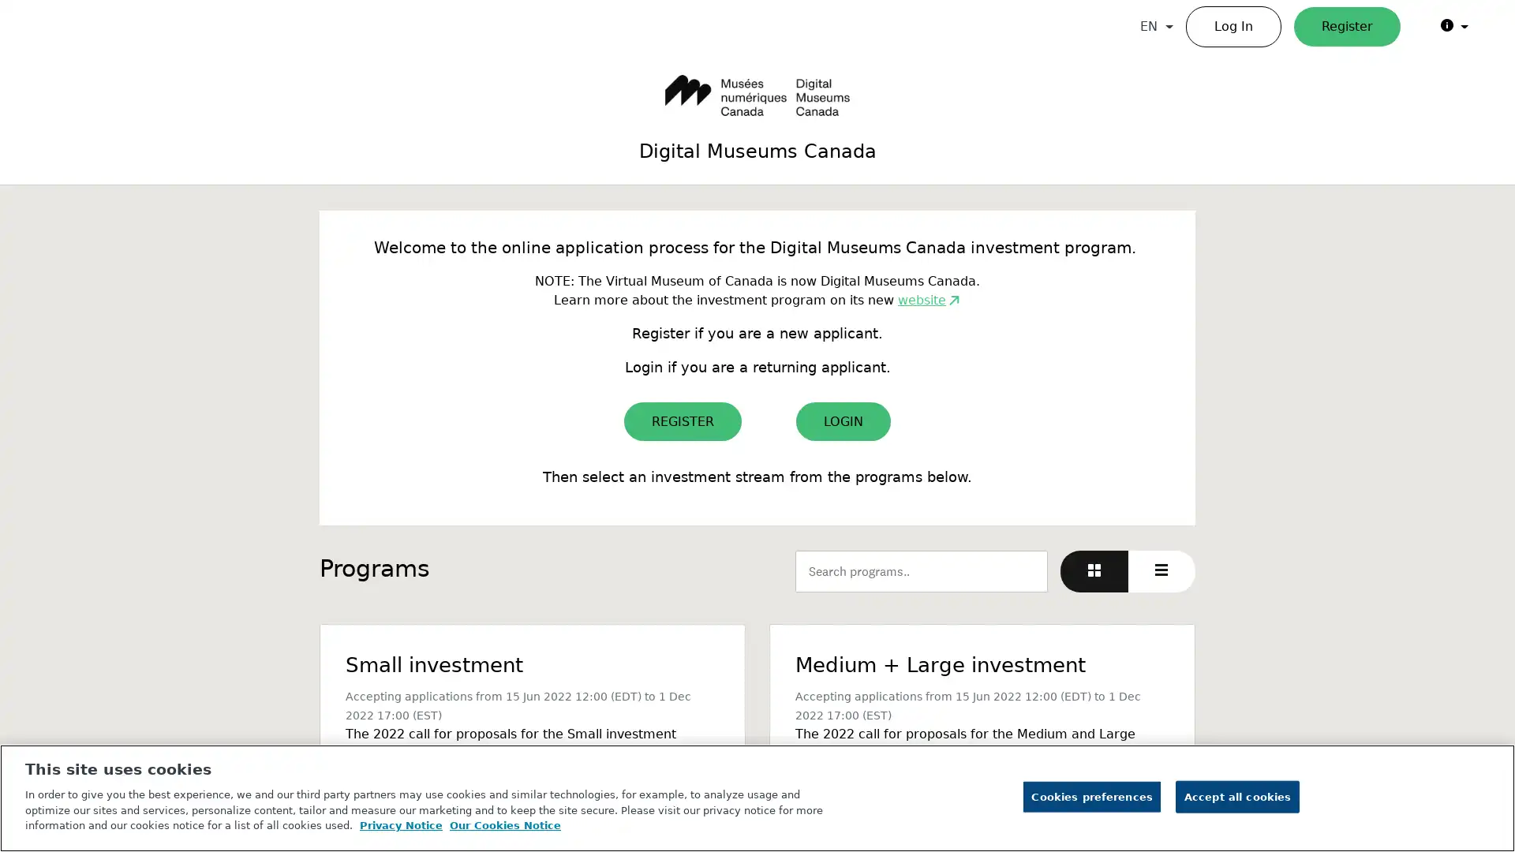 The width and height of the screenshot is (1515, 852). Describe the element at coordinates (1090, 797) in the screenshot. I see `Cookies preferences` at that location.